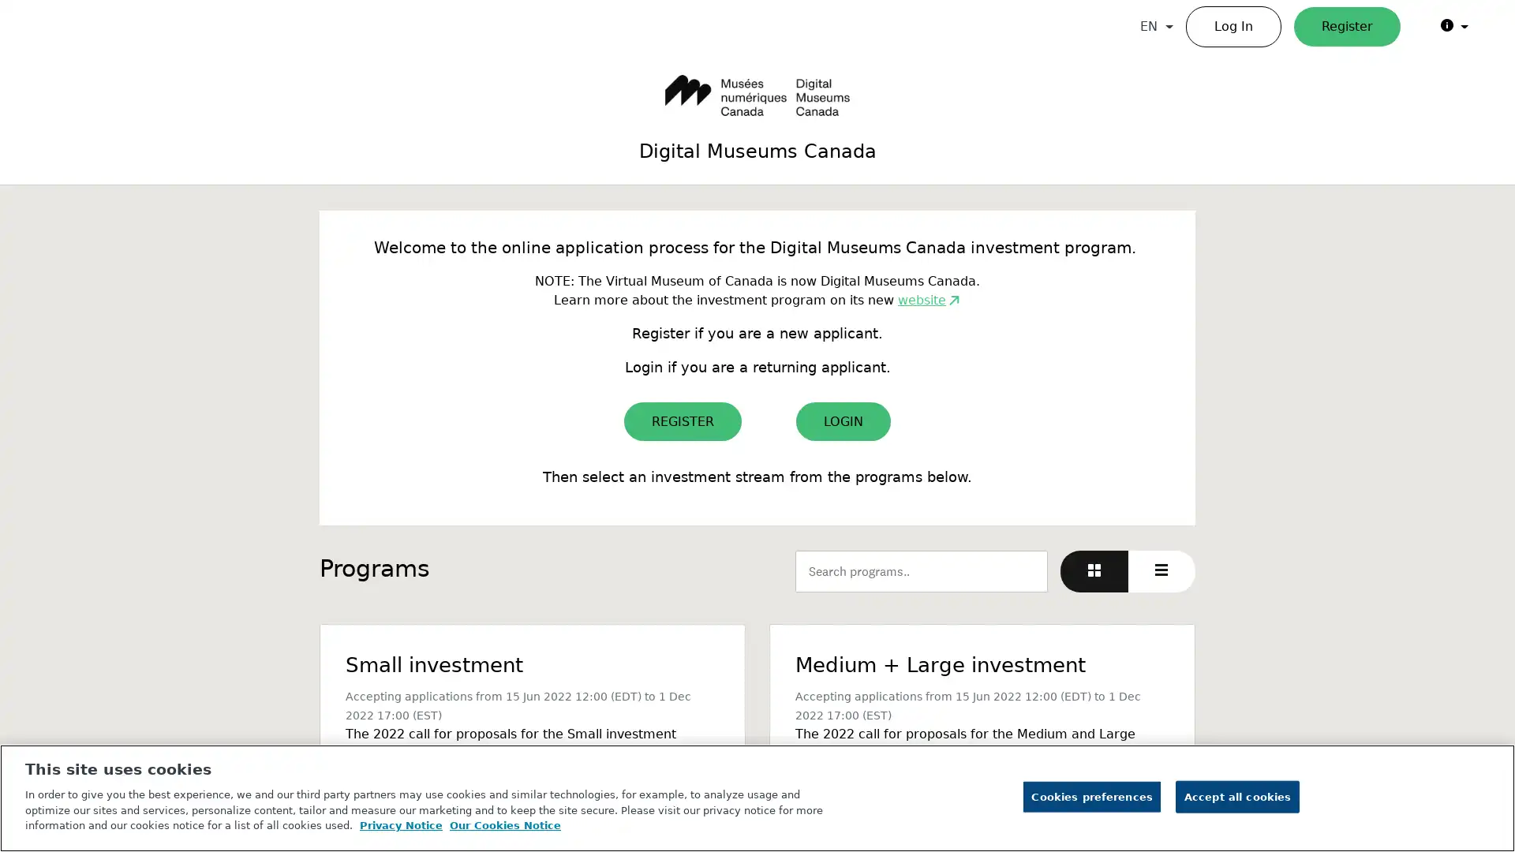 The width and height of the screenshot is (1515, 852). Describe the element at coordinates (1090, 797) in the screenshot. I see `Cookies preferences` at that location.